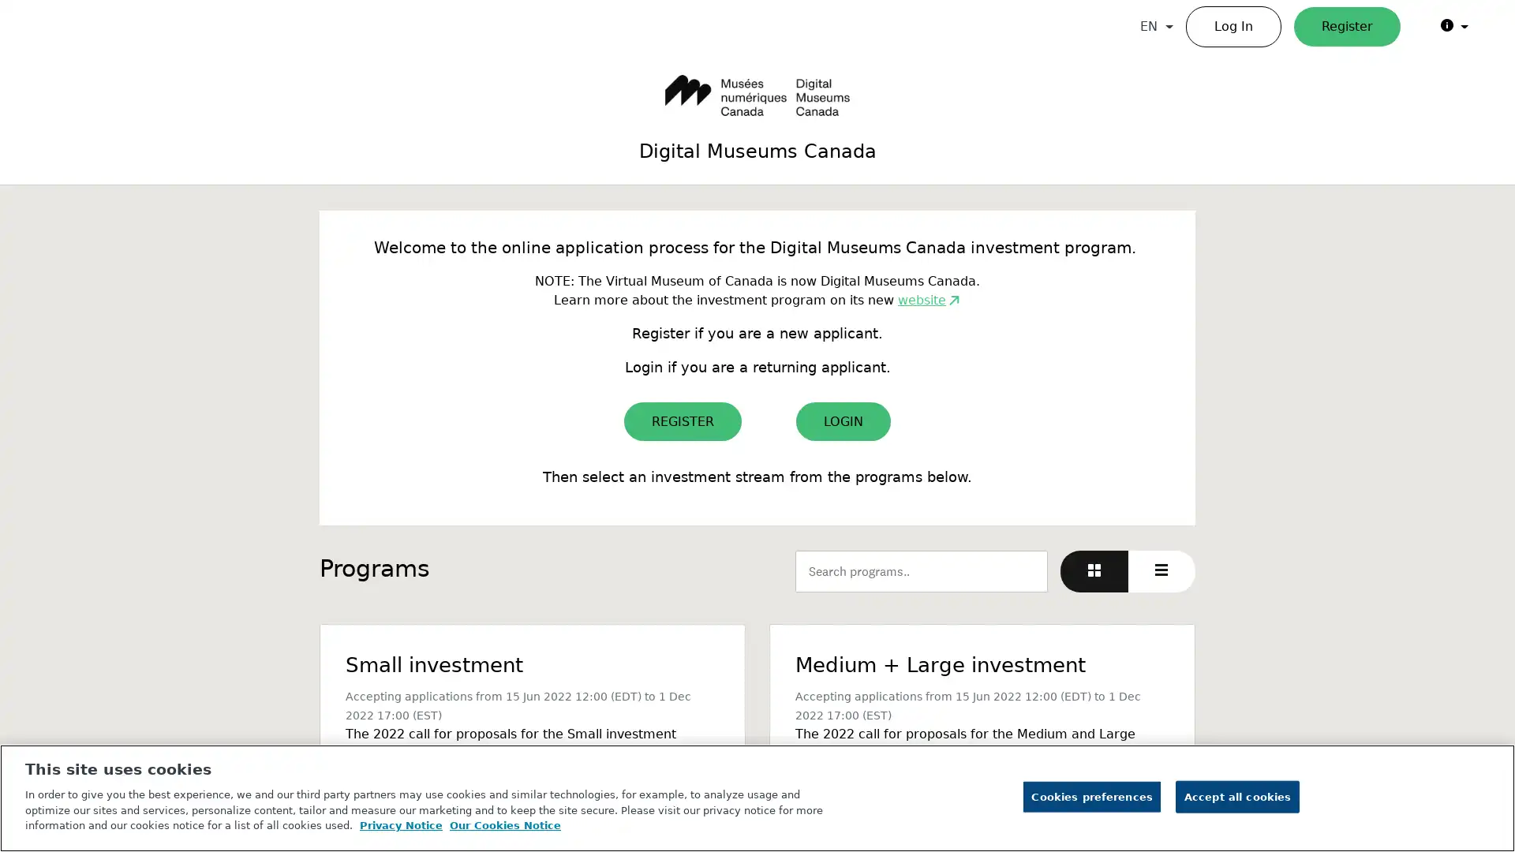 The width and height of the screenshot is (1515, 852). Describe the element at coordinates (1090, 797) in the screenshot. I see `Cookies preferences` at that location.